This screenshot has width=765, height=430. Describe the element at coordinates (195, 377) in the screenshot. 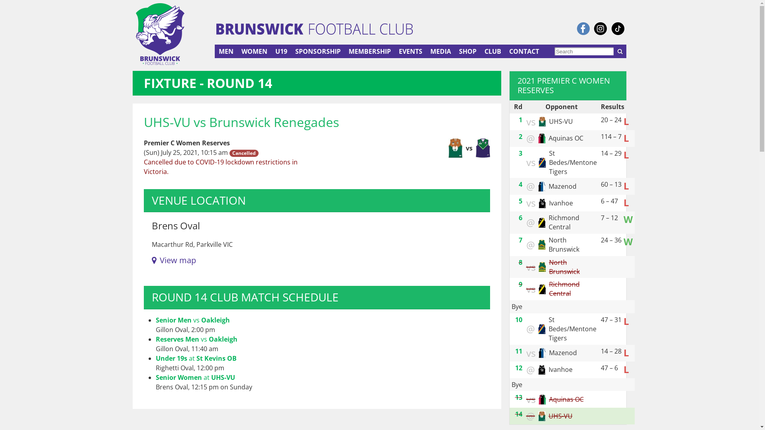

I see `'Senior Women at UHS-VU'` at that location.